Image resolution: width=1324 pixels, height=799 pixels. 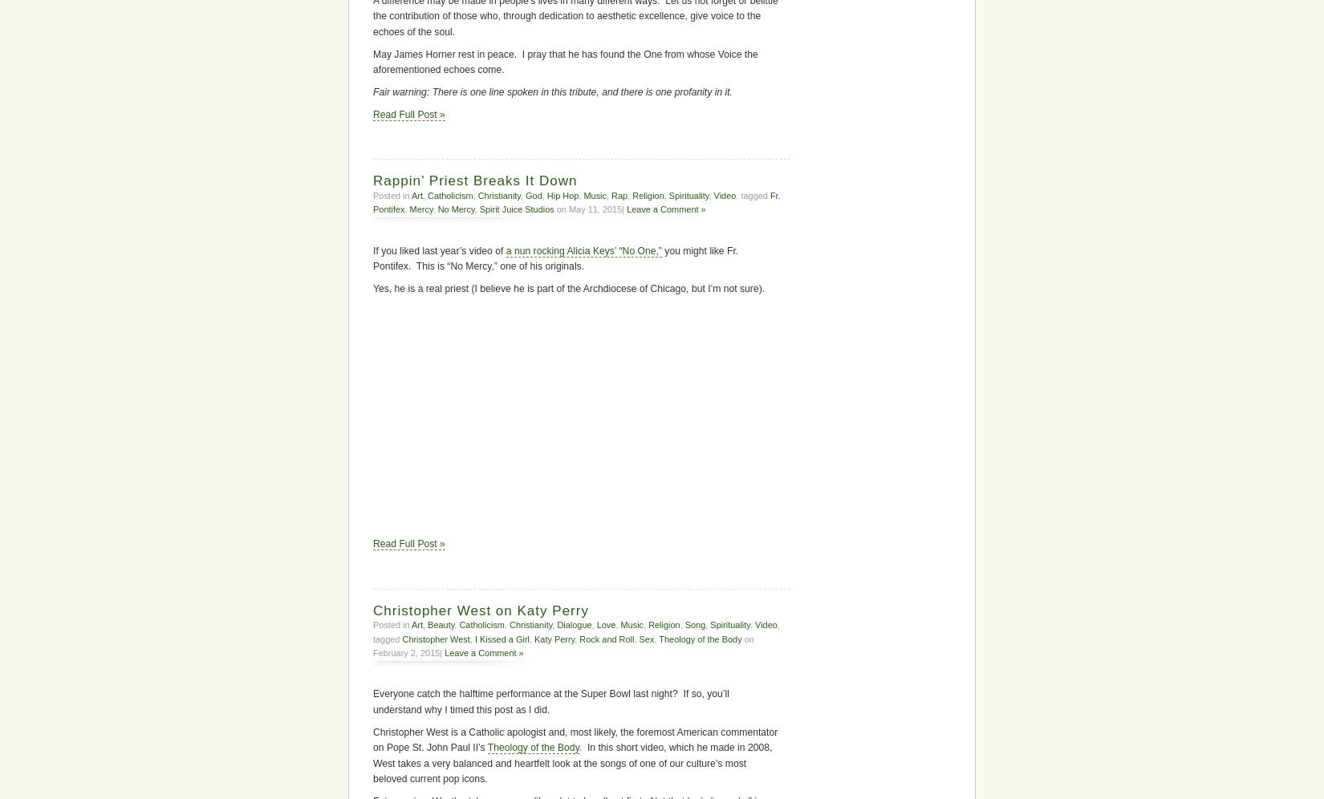 What do you see at coordinates (473, 638) in the screenshot?
I see `'I Kissed a Girl'` at bounding box center [473, 638].